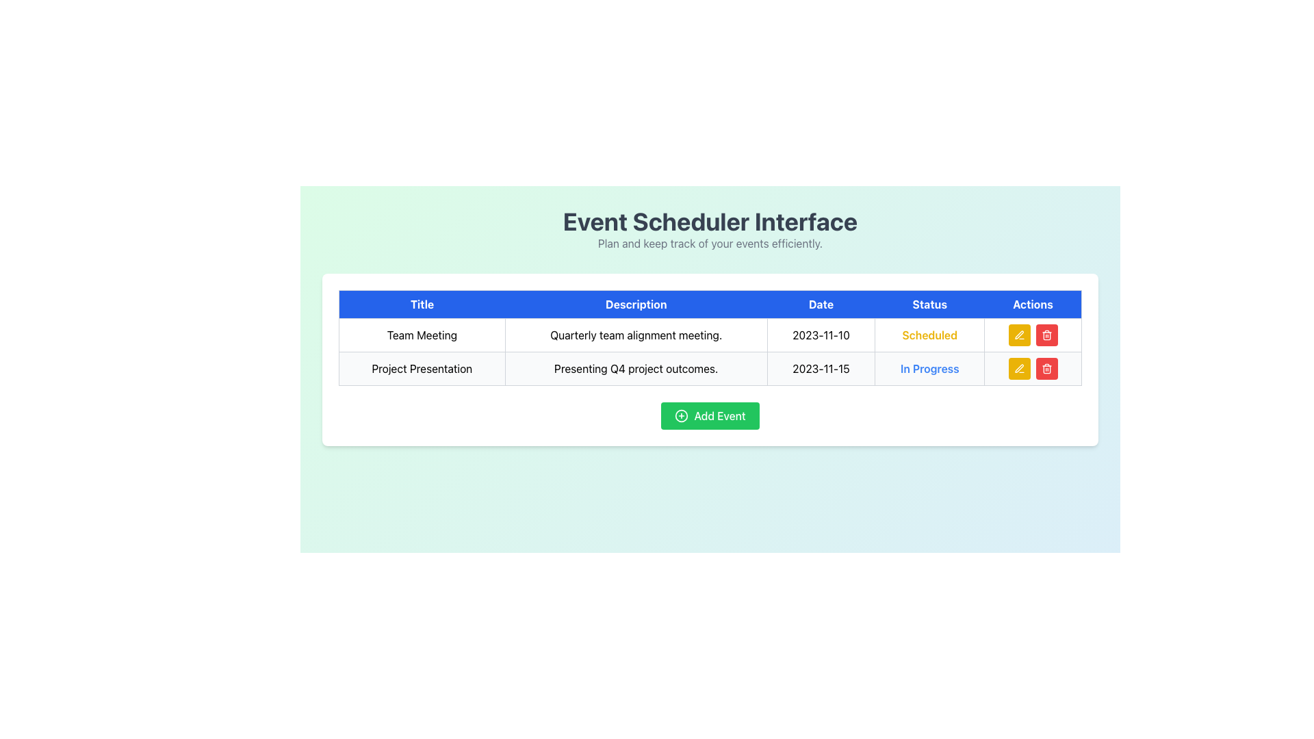 The height and width of the screenshot is (739, 1314). What do you see at coordinates (710, 229) in the screenshot?
I see `text of the header section titled 'Event Scheduler Interface' with the subtitle 'Plan and keep track of your events efficiently.'` at bounding box center [710, 229].